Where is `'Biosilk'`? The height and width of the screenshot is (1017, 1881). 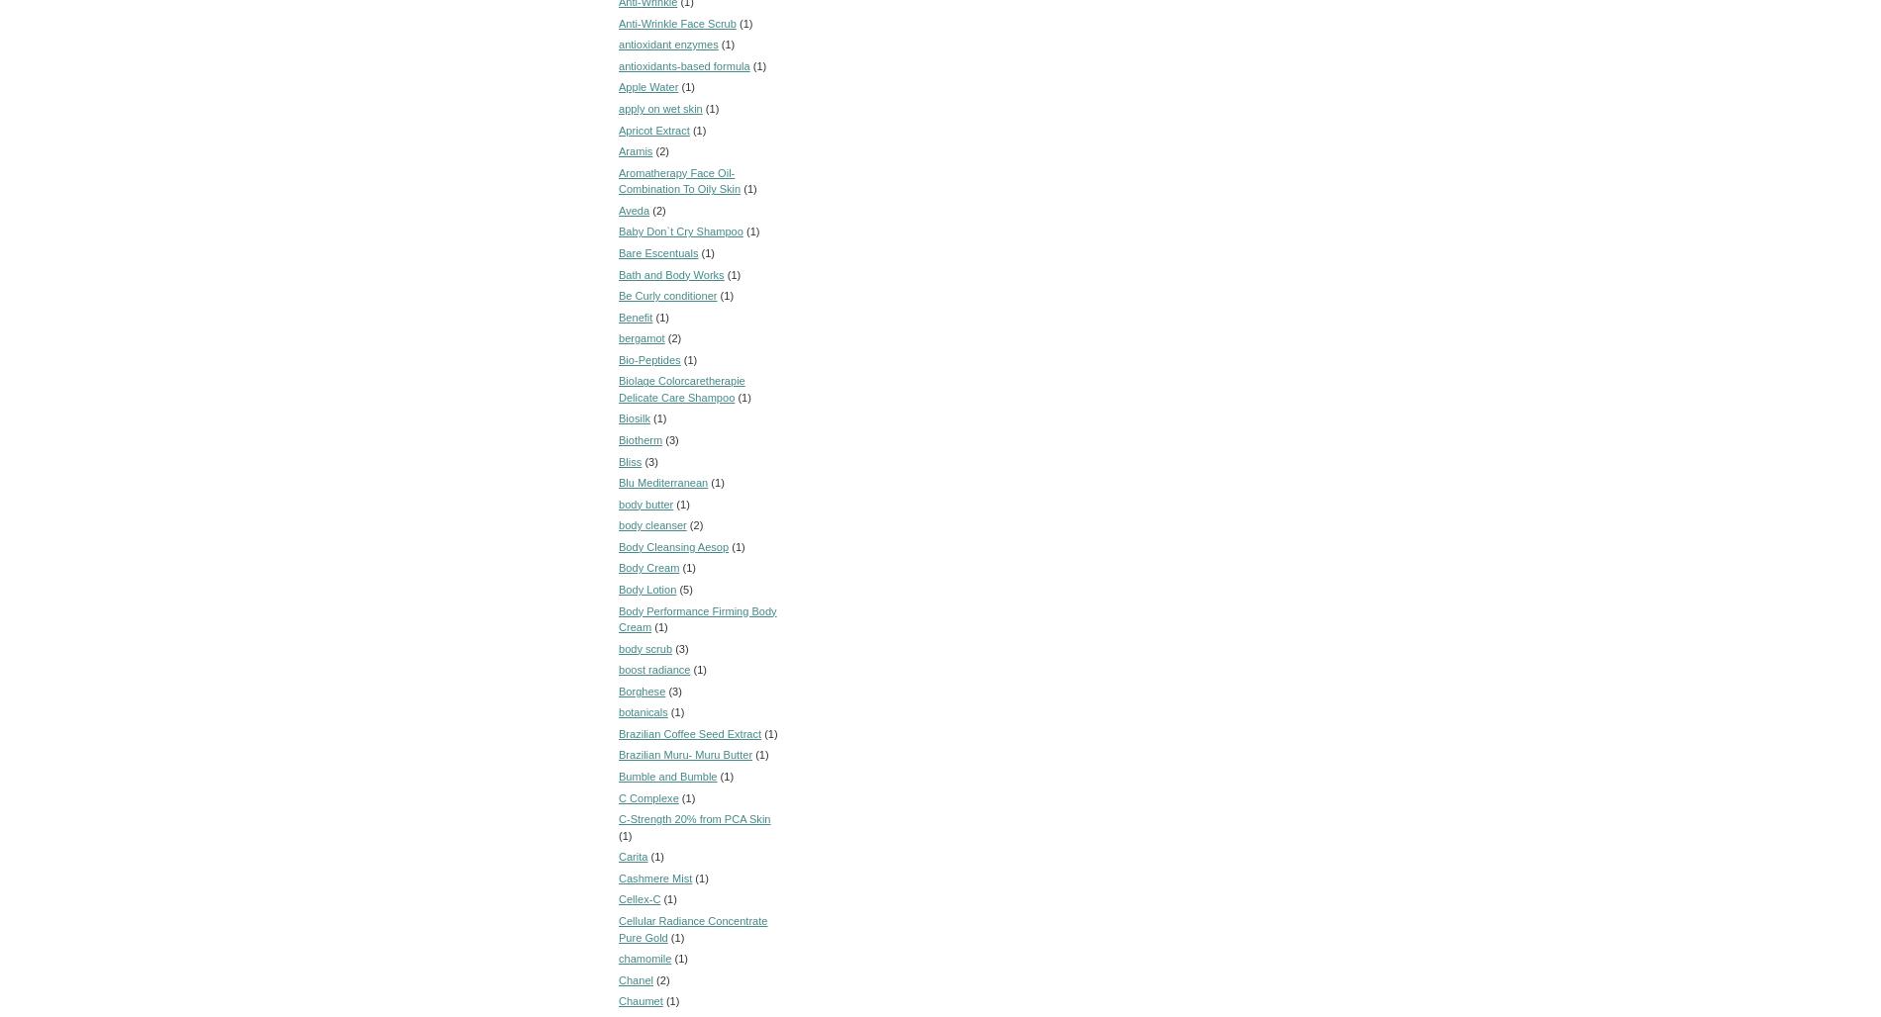
'Biosilk' is located at coordinates (618, 418).